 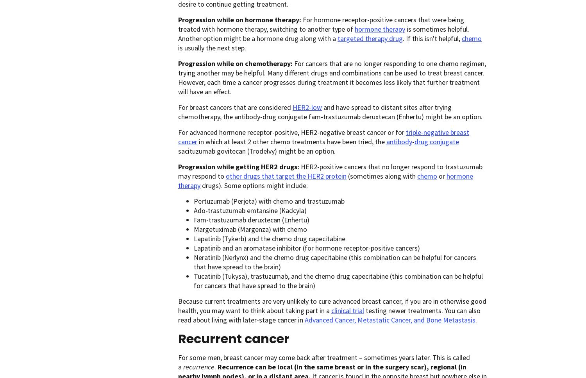 I want to click on 'Recurrent cancer', so click(x=233, y=338).